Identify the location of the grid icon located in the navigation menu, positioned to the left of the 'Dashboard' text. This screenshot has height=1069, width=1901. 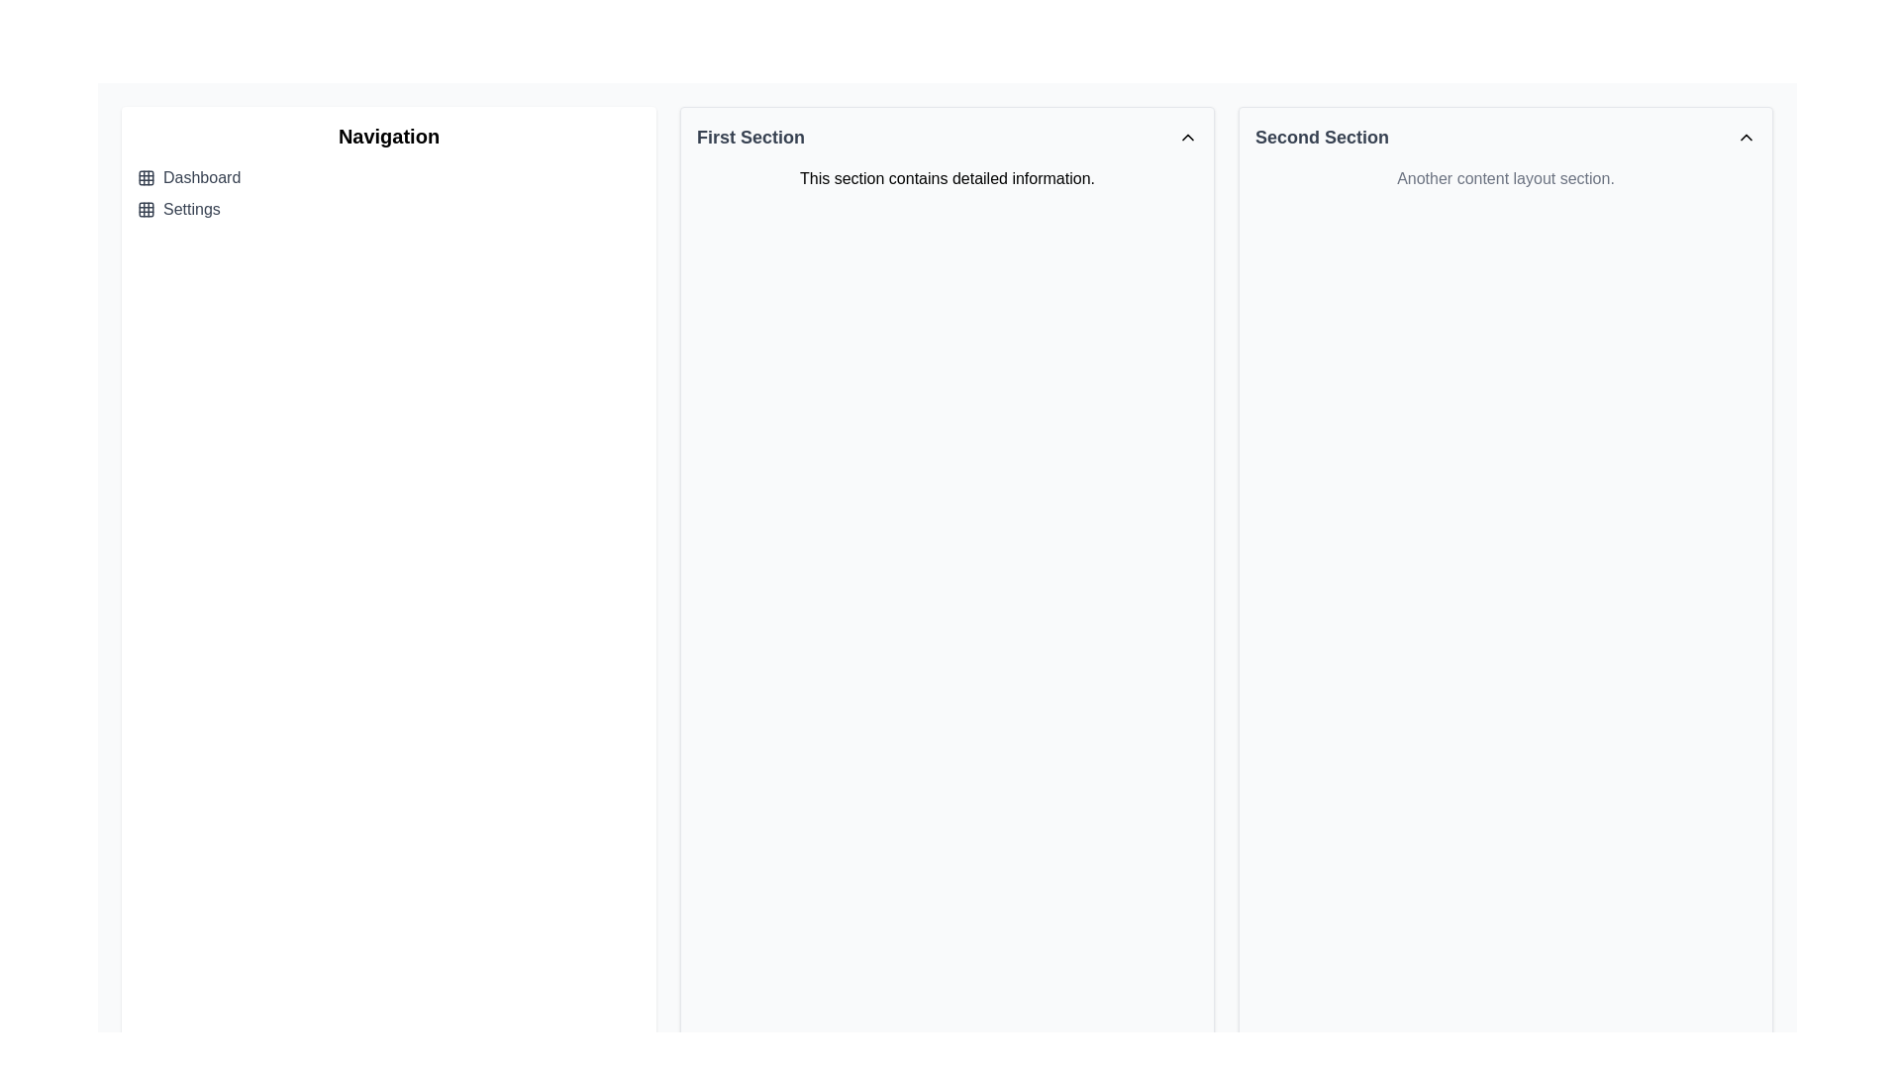
(146, 178).